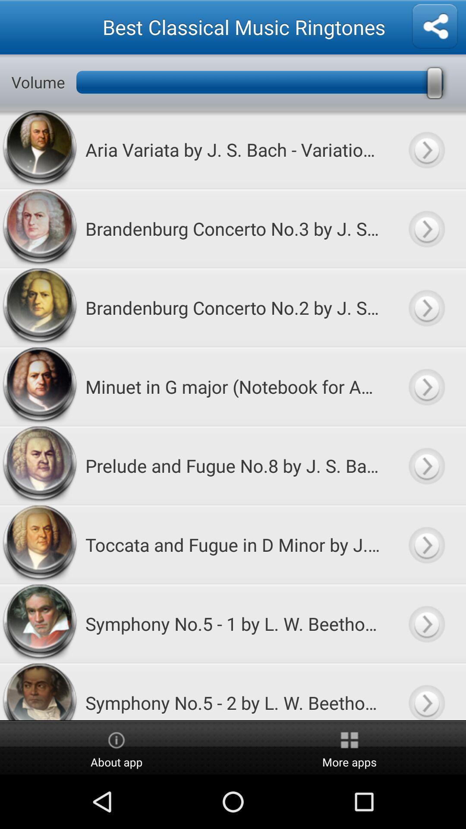 The width and height of the screenshot is (466, 829). Describe the element at coordinates (426, 544) in the screenshot. I see `next` at that location.